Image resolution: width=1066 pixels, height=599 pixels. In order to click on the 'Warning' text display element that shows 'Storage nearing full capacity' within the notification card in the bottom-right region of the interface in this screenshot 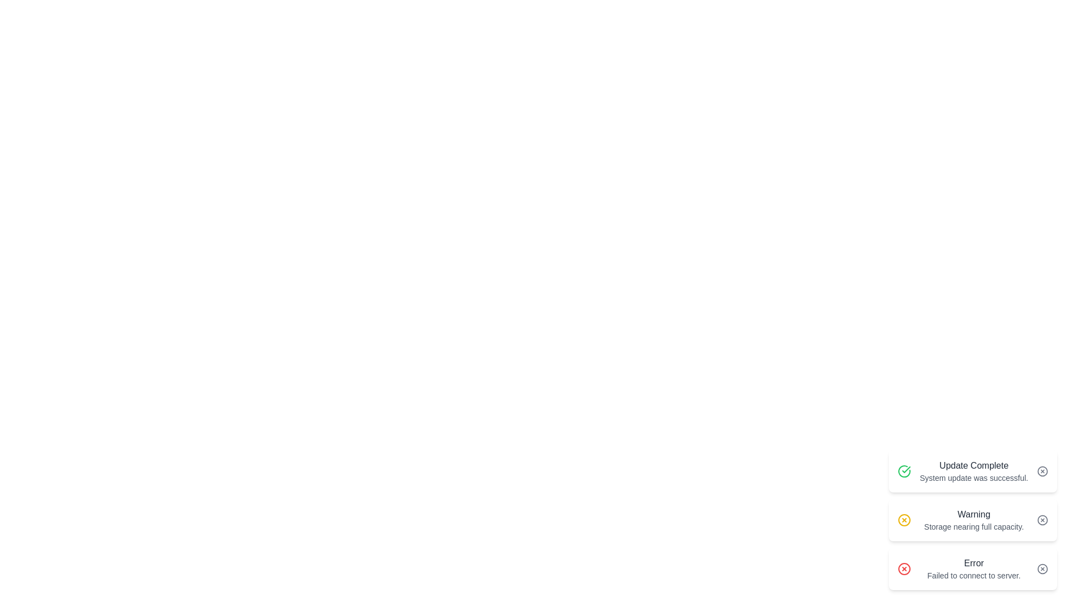, I will do `click(973, 520)`.